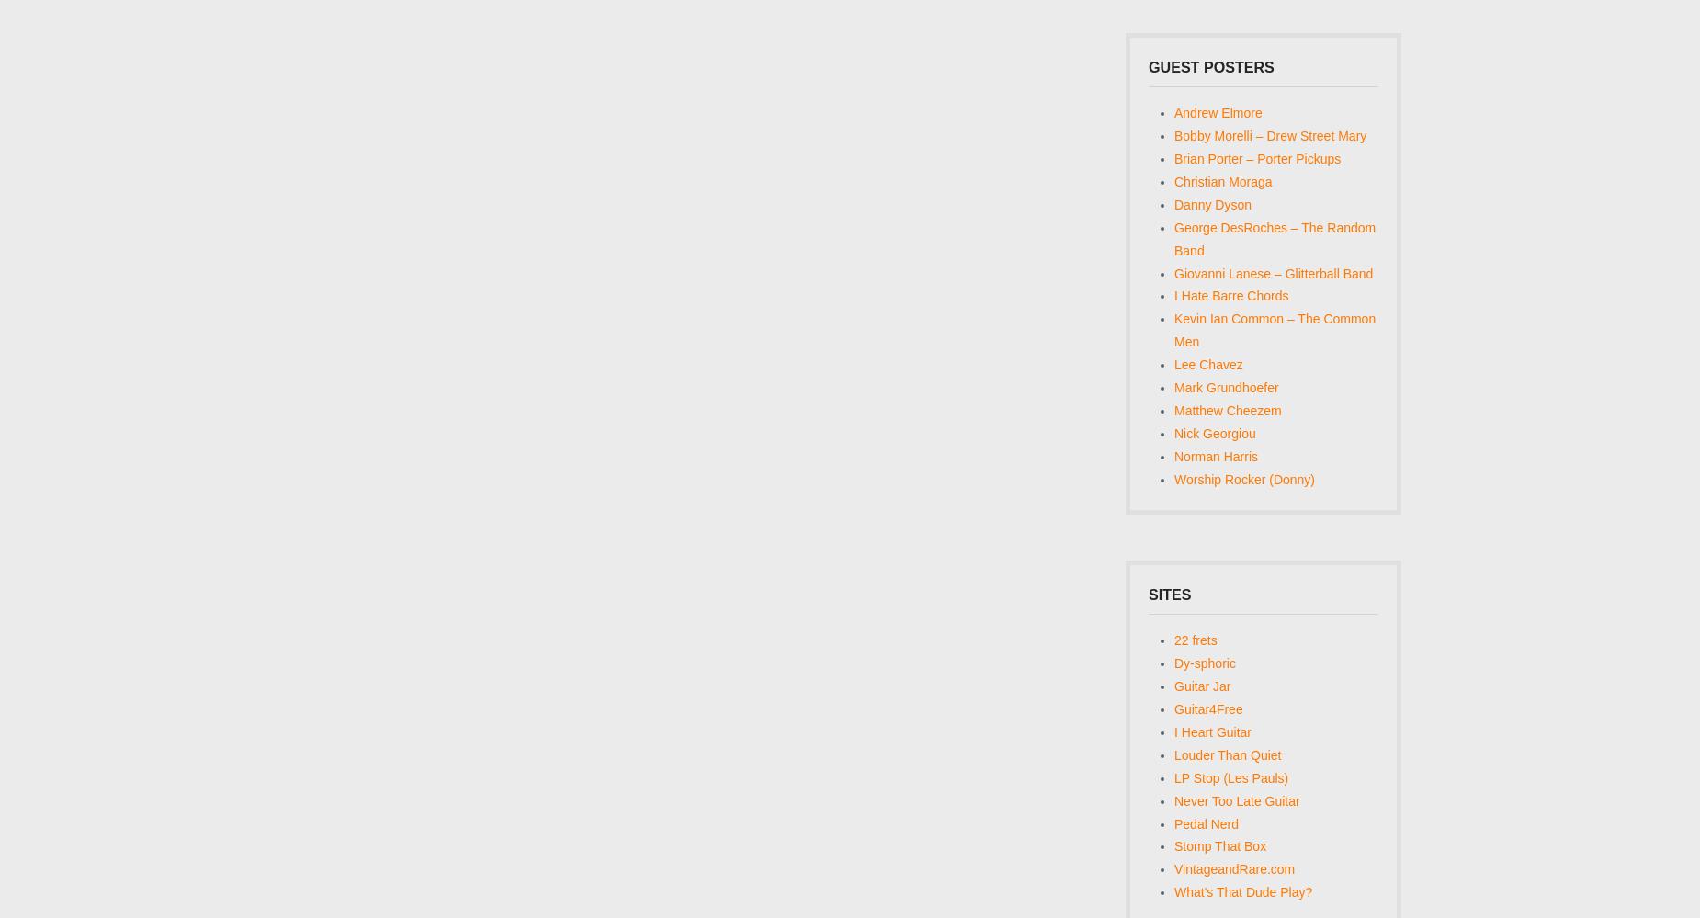 This screenshot has height=918, width=1700. Describe the element at coordinates (1214, 434) in the screenshot. I see `'Nick Georgiou'` at that location.